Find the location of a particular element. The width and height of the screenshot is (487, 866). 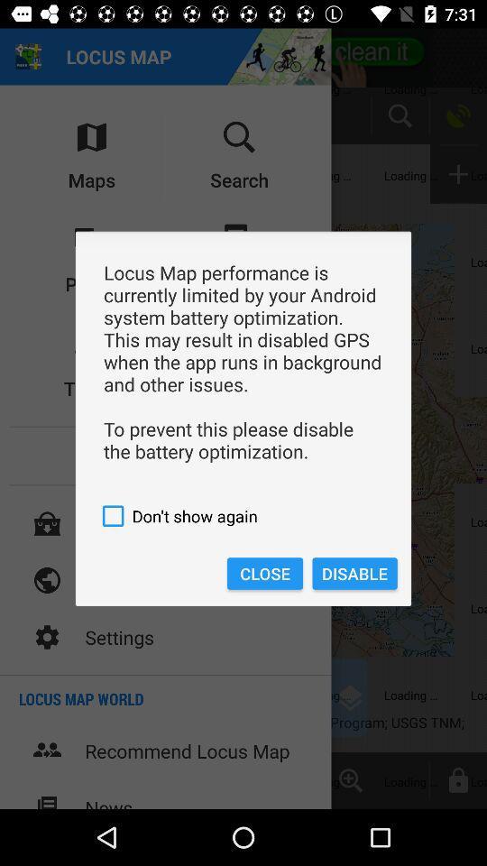

the icon above close is located at coordinates (243, 516).